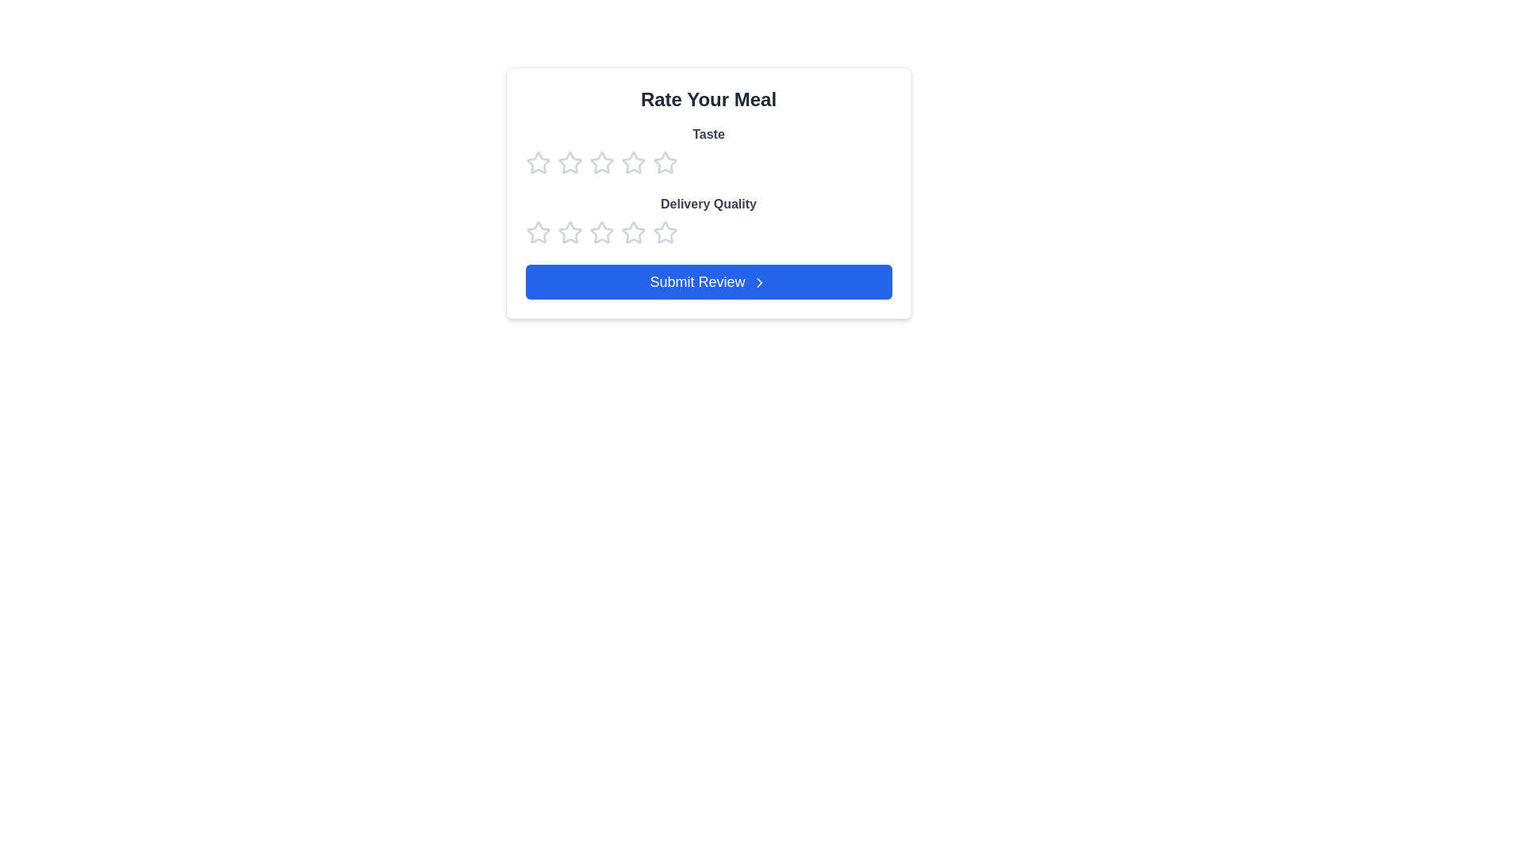 The width and height of the screenshot is (1523, 856). Describe the element at coordinates (665, 162) in the screenshot. I see `the second star icon in the rating system under the 'Taste' label` at that location.